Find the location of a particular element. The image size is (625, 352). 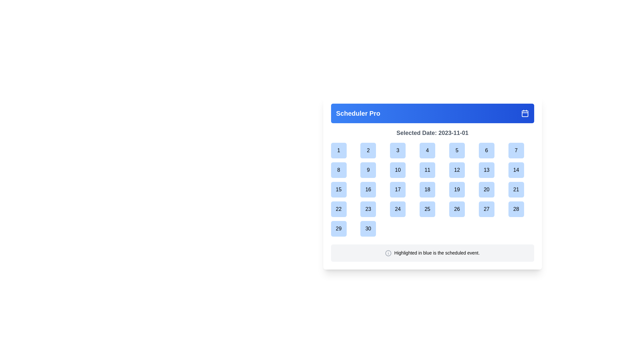

the static text display that reads 'Selected Date: 2023-11-01', which is centrally aligned in gray color above the date grid in the scheduling interface is located at coordinates (432, 133).